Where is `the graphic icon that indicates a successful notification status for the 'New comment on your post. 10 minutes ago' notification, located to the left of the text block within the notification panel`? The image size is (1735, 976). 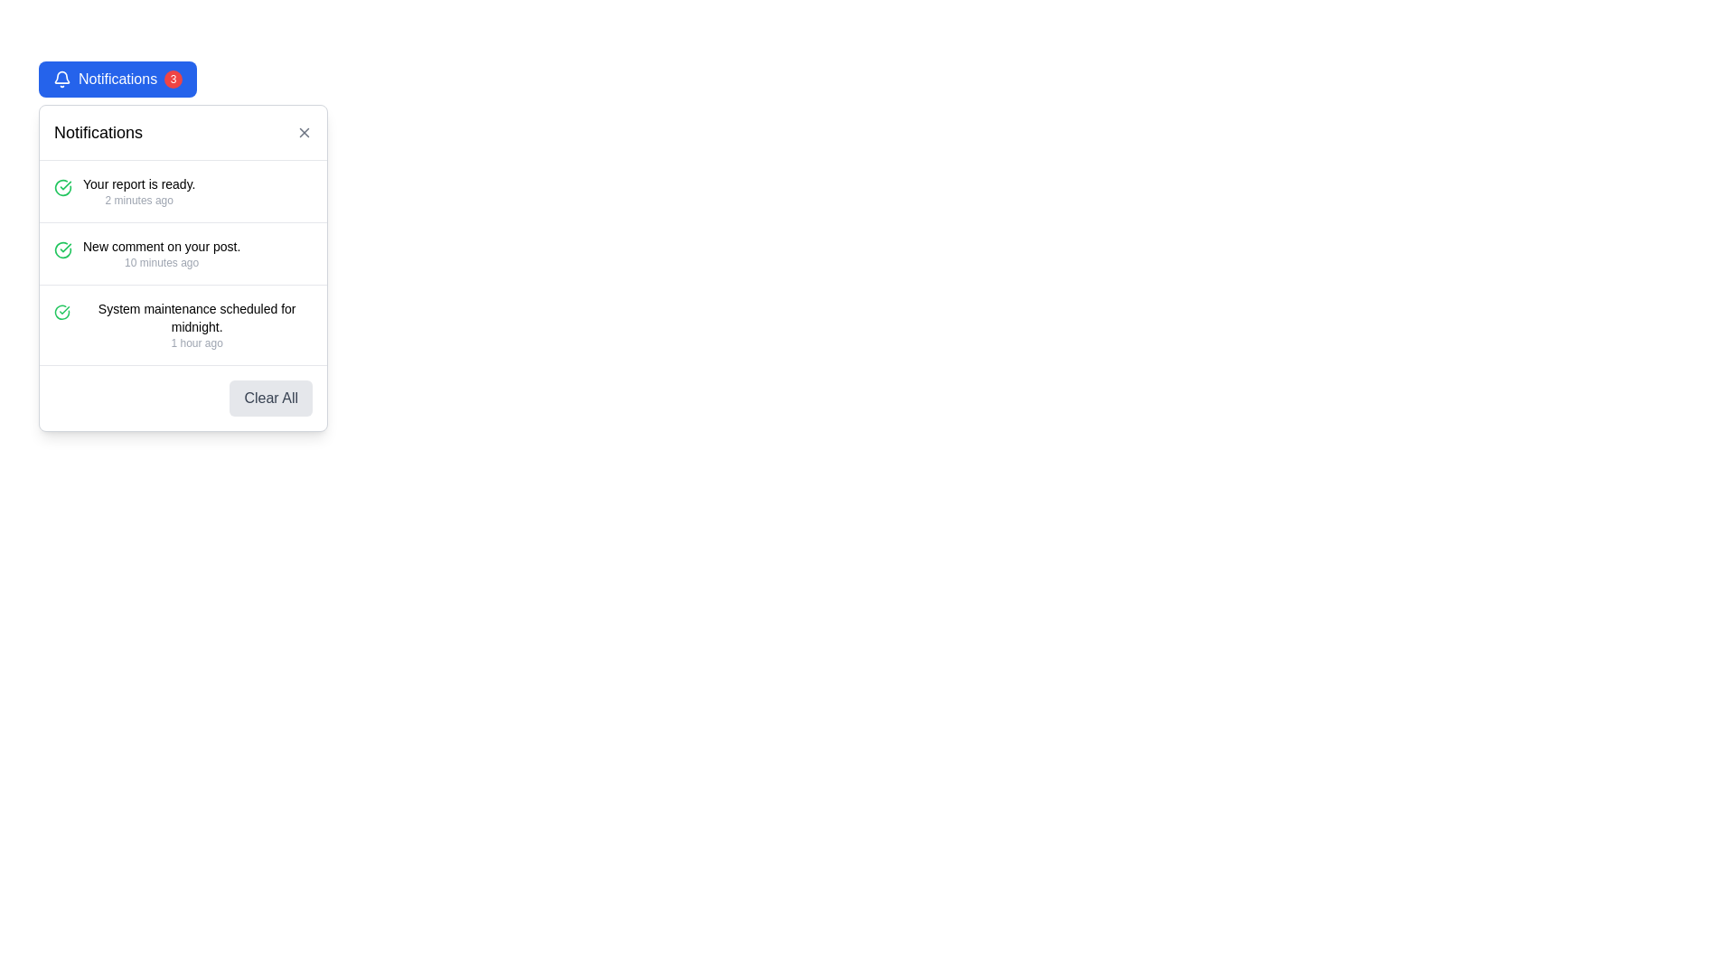
the graphic icon that indicates a successful notification status for the 'New comment on your post. 10 minutes ago' notification, located to the left of the text block within the notification panel is located at coordinates (63, 250).